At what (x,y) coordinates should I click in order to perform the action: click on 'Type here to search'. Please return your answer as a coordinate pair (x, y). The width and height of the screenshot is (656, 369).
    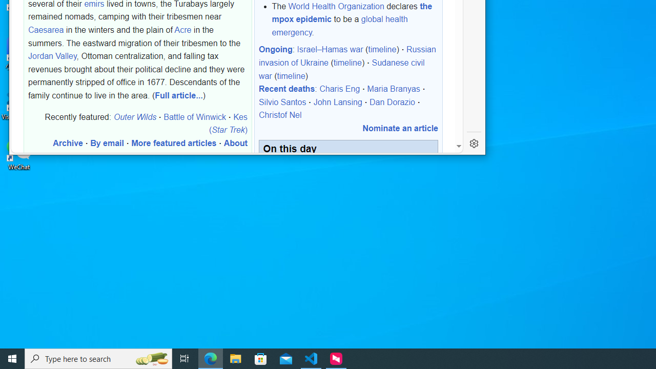
    Looking at the image, I should click on (98, 358).